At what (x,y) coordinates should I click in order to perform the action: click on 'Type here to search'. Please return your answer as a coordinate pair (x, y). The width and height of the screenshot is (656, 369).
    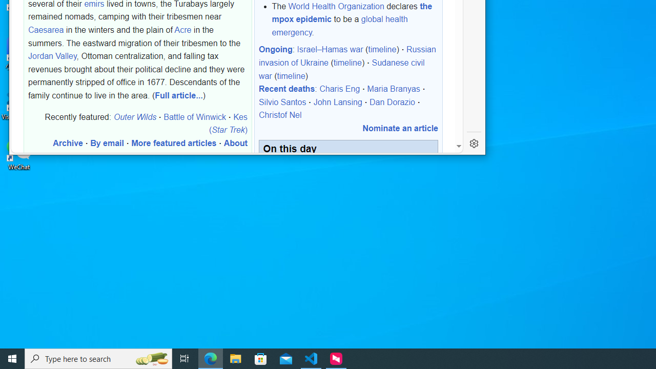
    Looking at the image, I should click on (98, 358).